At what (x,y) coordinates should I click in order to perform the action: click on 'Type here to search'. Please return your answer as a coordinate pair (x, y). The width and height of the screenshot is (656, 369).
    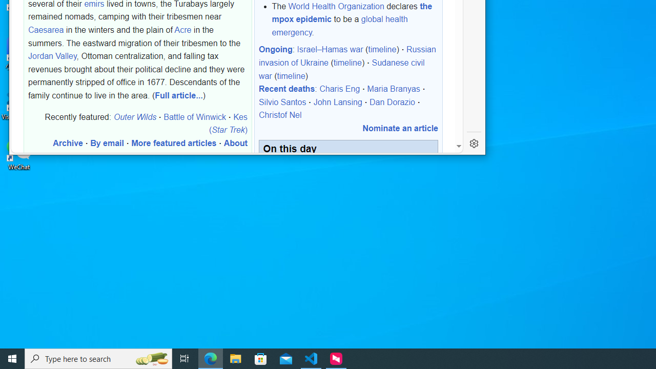
    Looking at the image, I should click on (98, 358).